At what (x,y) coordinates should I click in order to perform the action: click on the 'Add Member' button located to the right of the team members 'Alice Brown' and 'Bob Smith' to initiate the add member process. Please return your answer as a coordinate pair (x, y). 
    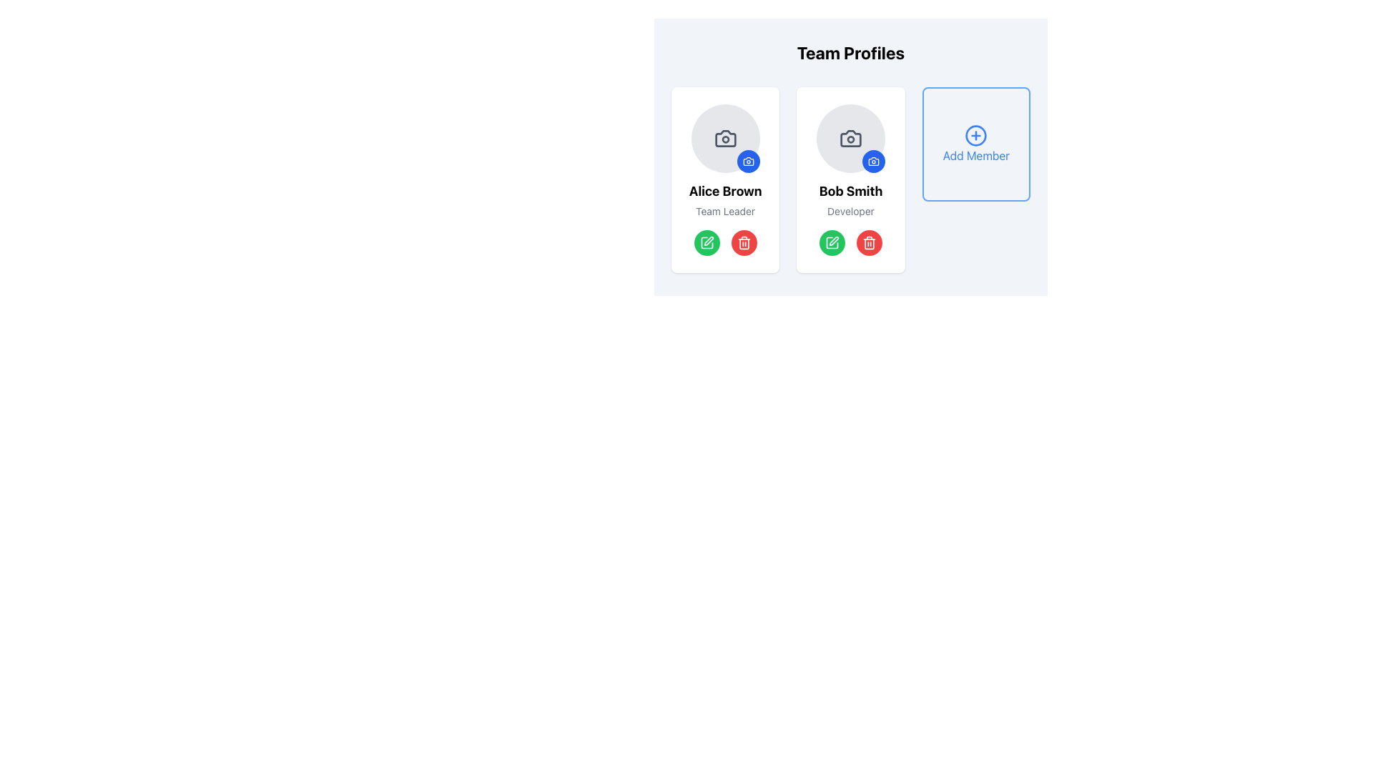
    Looking at the image, I should click on (975, 144).